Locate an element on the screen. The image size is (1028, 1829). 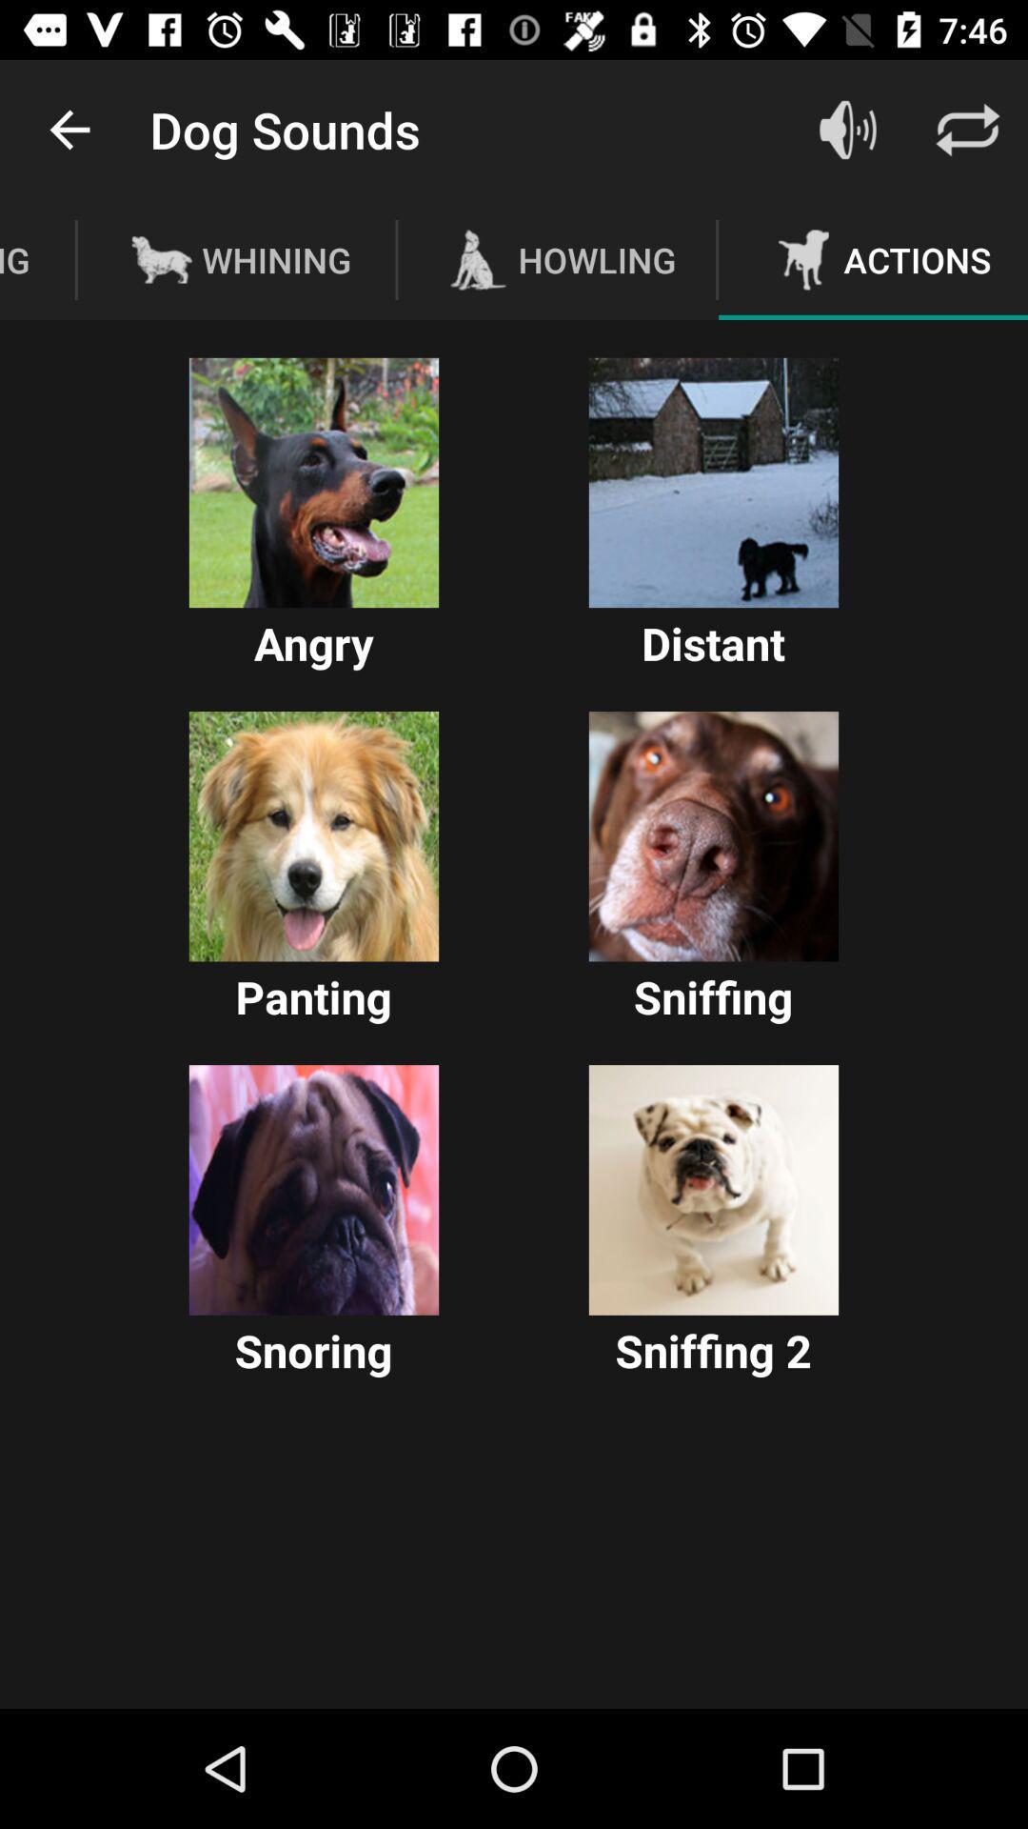
snoring dog sound is located at coordinates (313, 1189).